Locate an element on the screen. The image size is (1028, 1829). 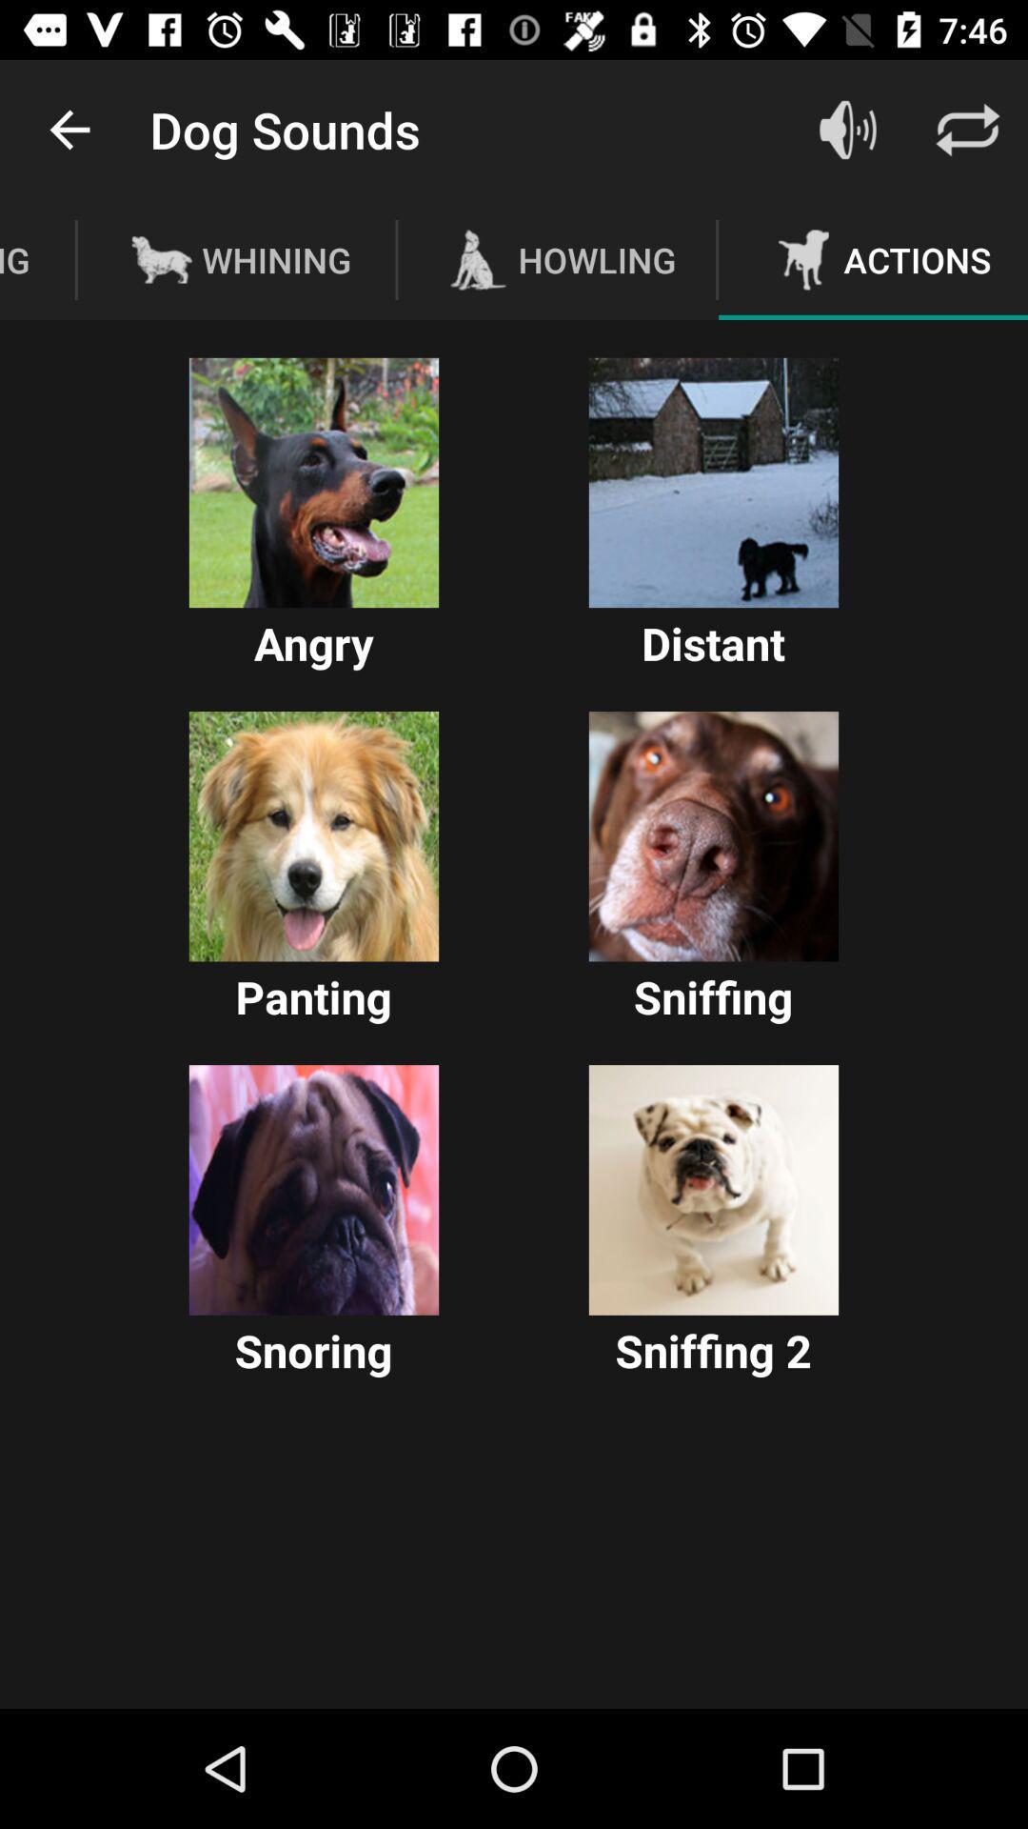
snoring dog sound is located at coordinates (313, 1189).